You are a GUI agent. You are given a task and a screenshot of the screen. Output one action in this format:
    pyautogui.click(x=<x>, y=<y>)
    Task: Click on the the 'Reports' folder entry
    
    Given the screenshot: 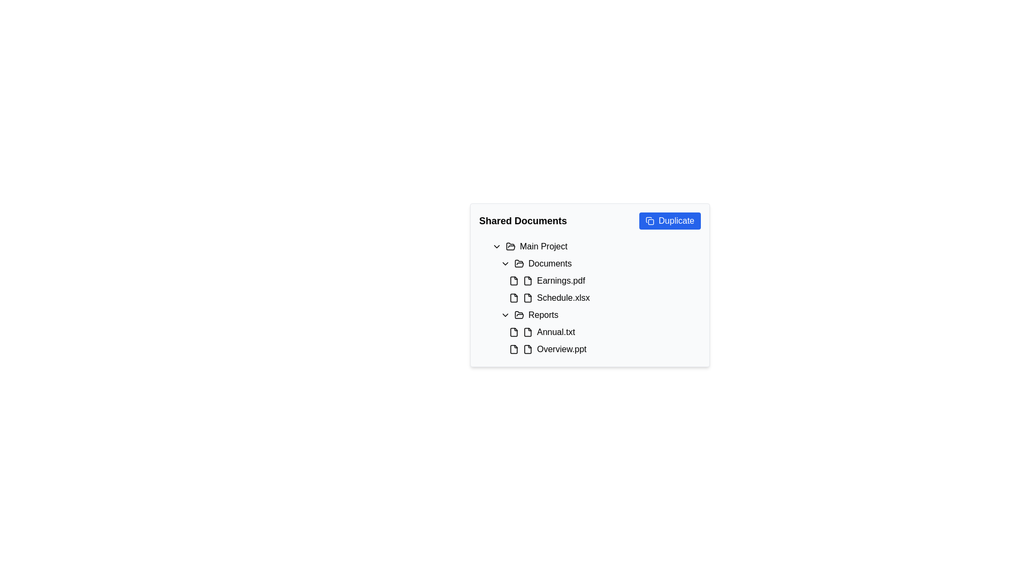 What is the action you would take?
    pyautogui.click(x=598, y=315)
    